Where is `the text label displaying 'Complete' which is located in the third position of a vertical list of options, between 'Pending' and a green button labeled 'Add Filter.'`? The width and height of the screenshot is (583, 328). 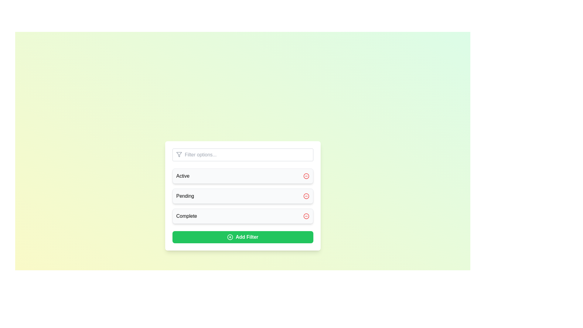 the text label displaying 'Complete' which is located in the third position of a vertical list of options, between 'Pending' and a green button labeled 'Add Filter.' is located at coordinates (186, 216).